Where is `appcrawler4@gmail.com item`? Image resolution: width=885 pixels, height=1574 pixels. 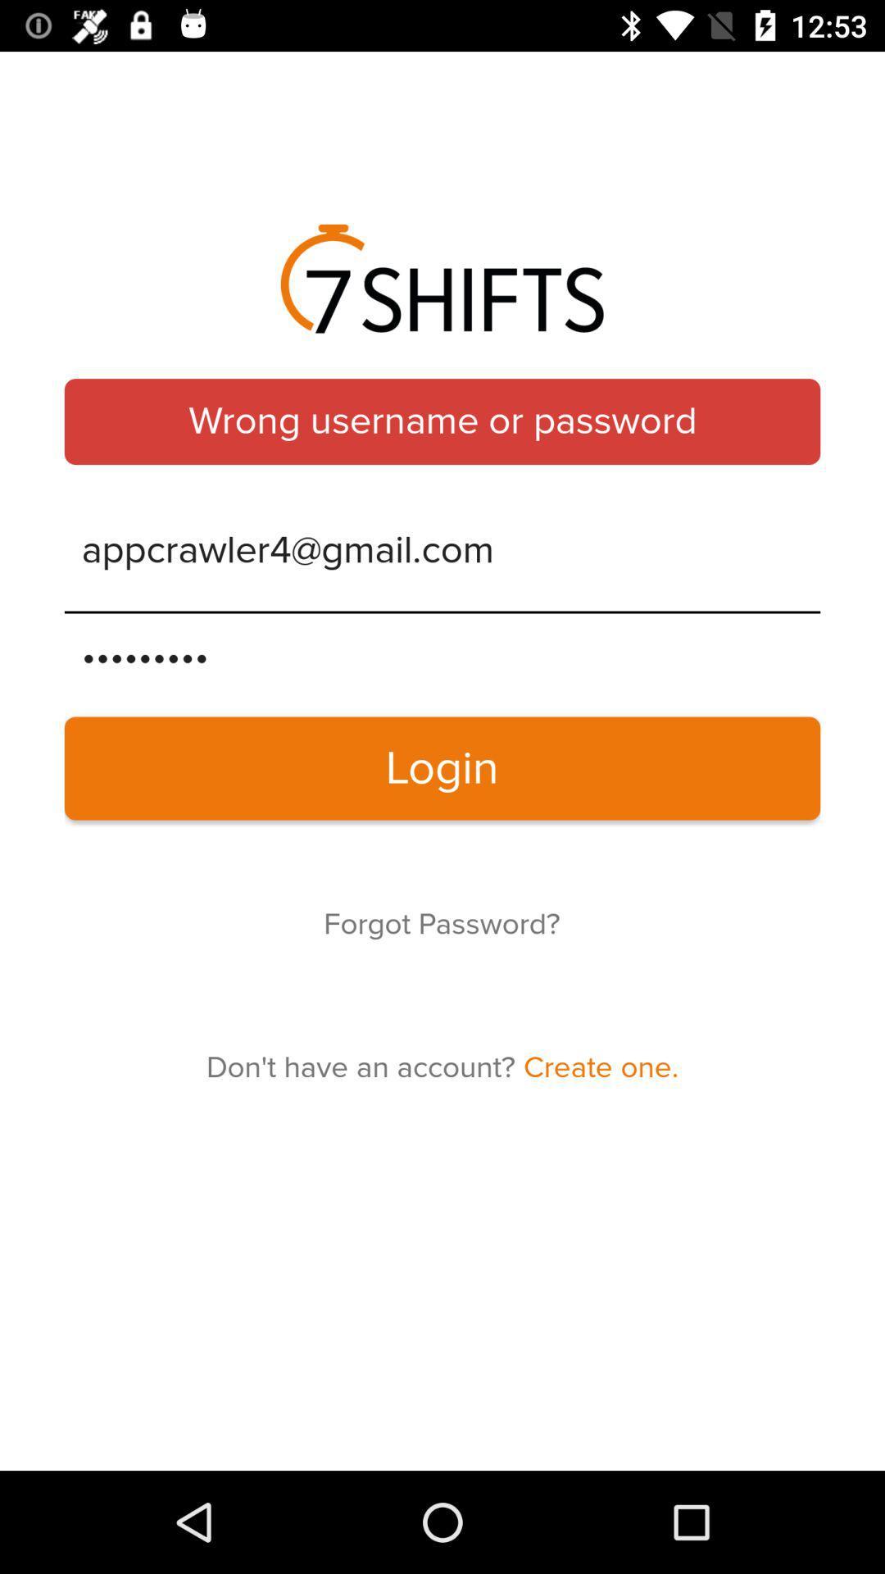 appcrawler4@gmail.com item is located at coordinates (442, 551).